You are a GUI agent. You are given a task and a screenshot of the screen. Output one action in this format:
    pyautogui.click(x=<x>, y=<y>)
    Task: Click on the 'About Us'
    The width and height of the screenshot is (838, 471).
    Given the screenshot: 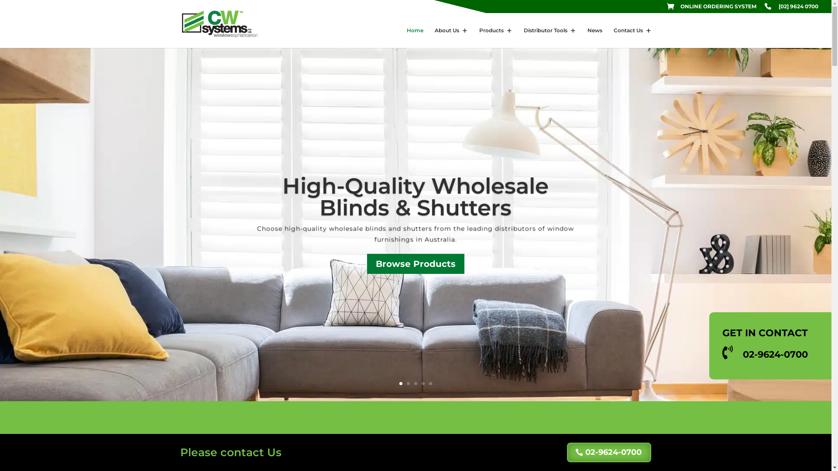 What is the action you would take?
    pyautogui.click(x=451, y=37)
    